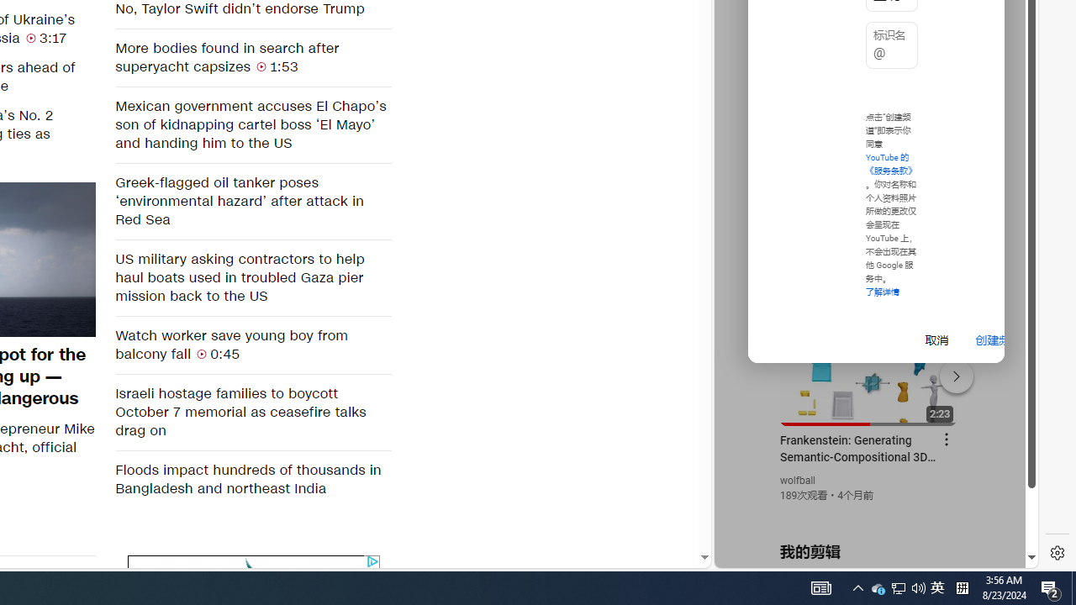  I want to click on 'More bodies found in search after superyacht capsizes 1:53', so click(252, 56).